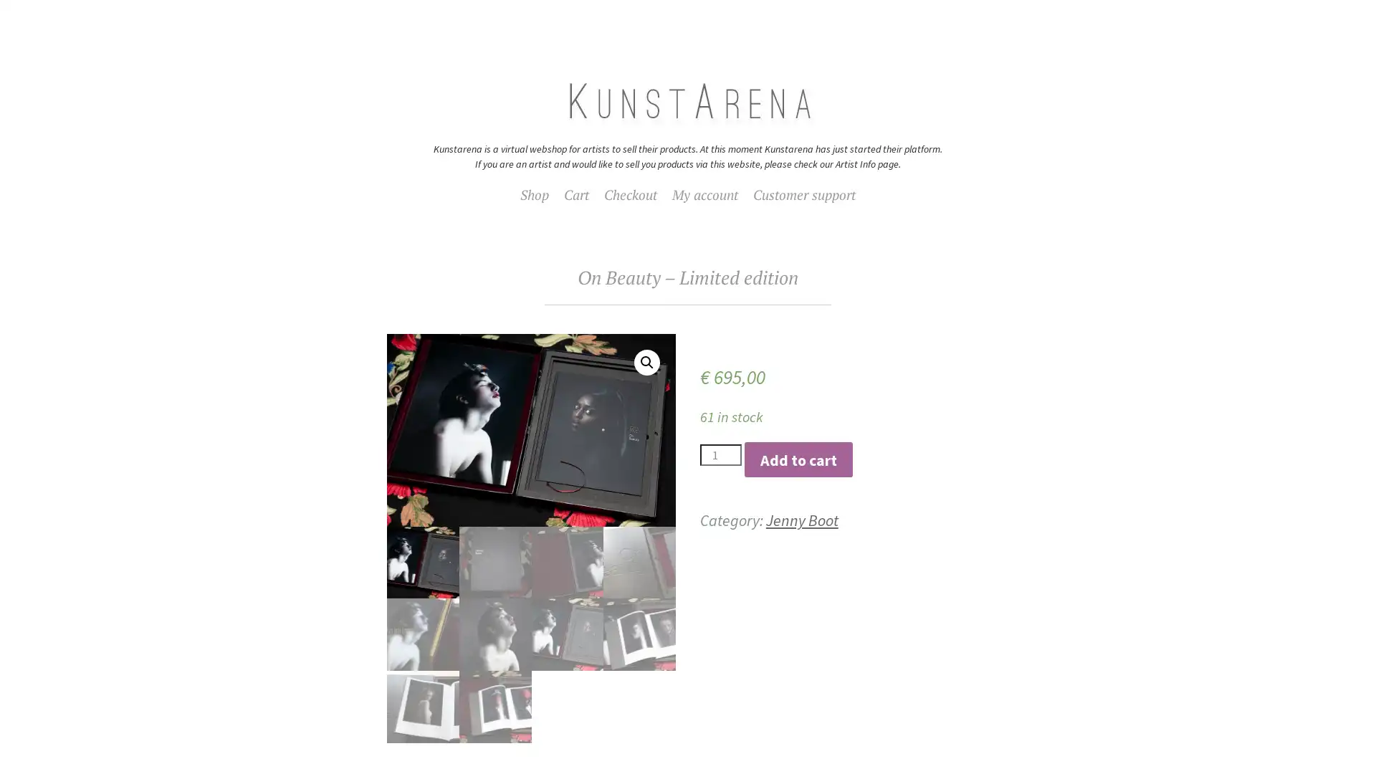 This screenshot has height=774, width=1376. What do you see at coordinates (798, 459) in the screenshot?
I see `Add to cart` at bounding box center [798, 459].